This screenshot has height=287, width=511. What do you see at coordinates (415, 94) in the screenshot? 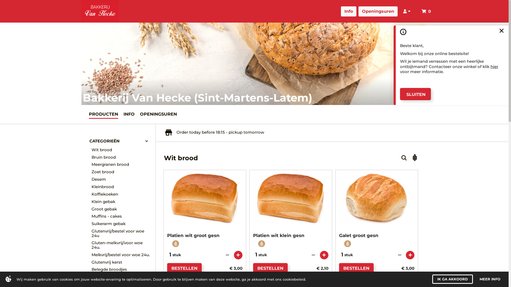
I see `'SLUITEN'` at bounding box center [415, 94].